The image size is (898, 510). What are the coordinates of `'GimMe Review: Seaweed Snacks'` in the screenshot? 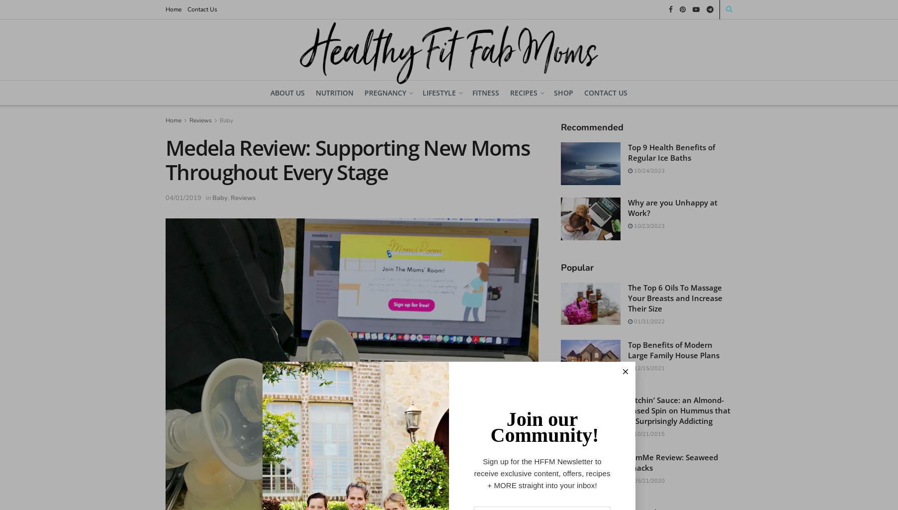 It's located at (672, 462).